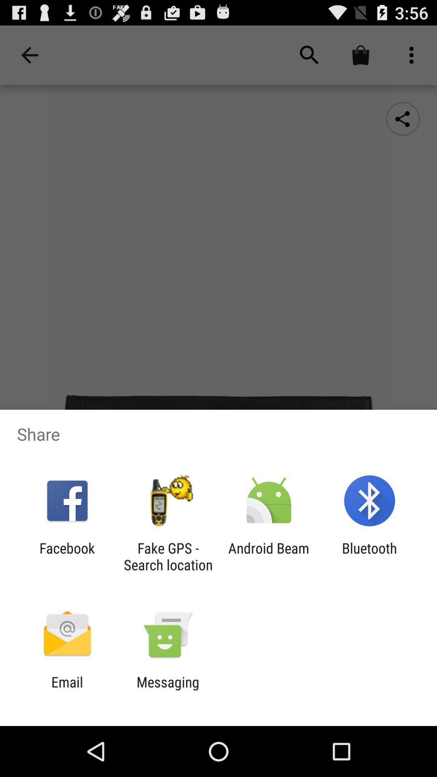  I want to click on app to the left of fake gps search app, so click(67, 556).